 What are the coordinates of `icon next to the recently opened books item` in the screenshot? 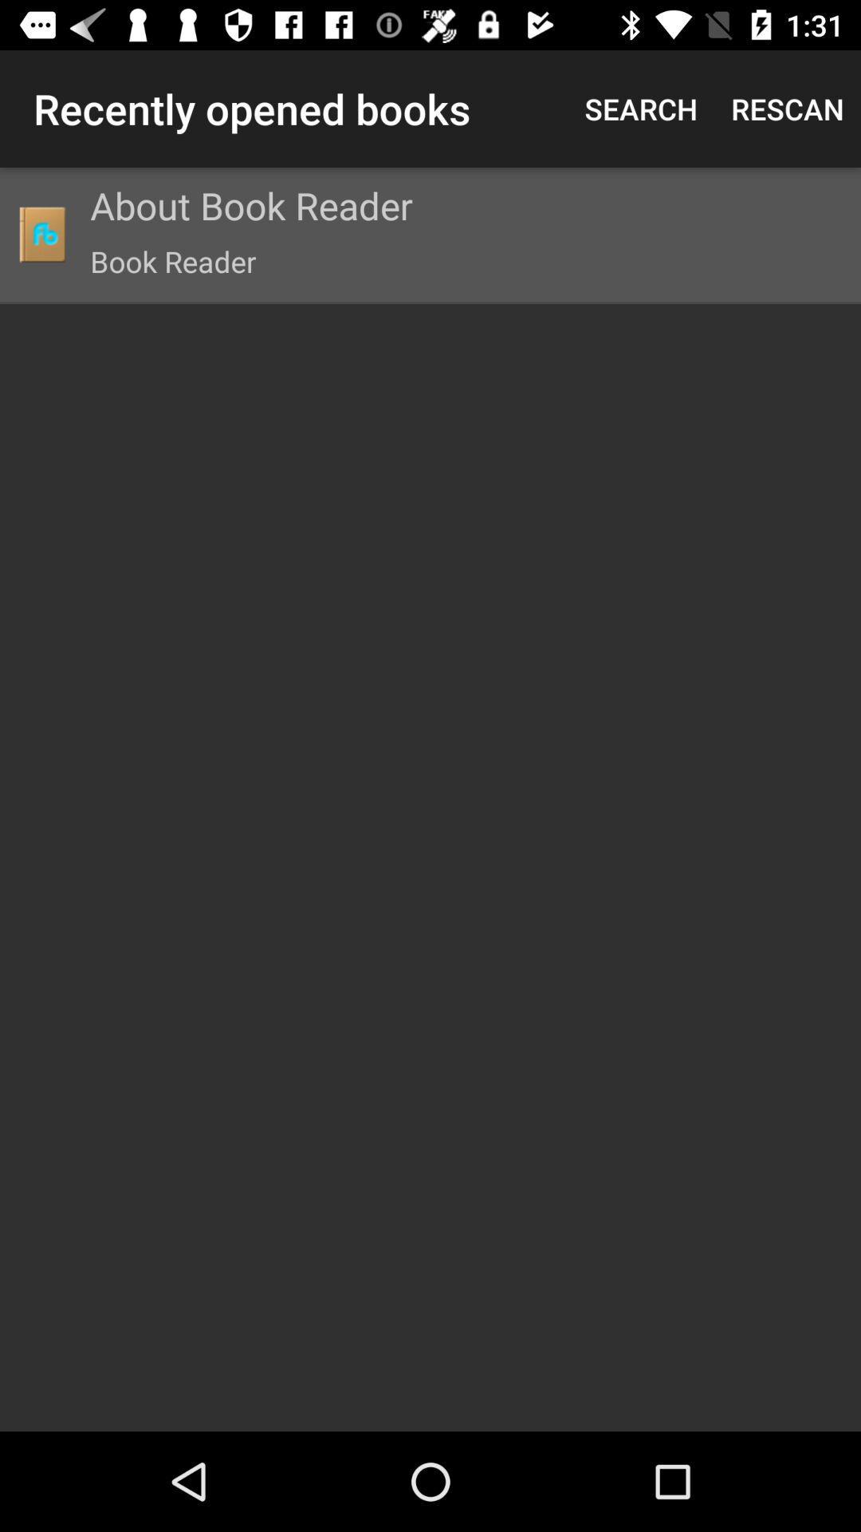 It's located at (640, 108).